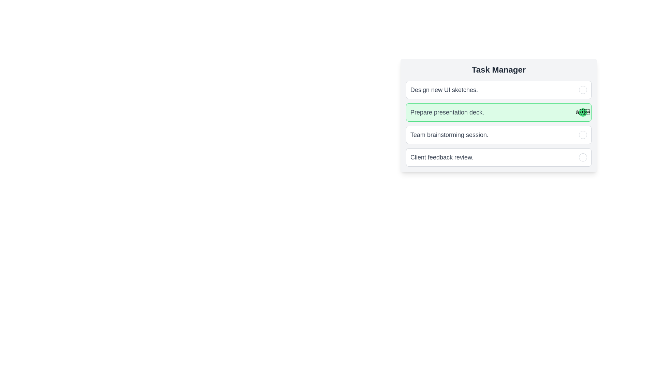 This screenshot has width=655, height=368. Describe the element at coordinates (582, 157) in the screenshot. I see `the circular icon located at the rightmost end of the row labeled 'Client feedback review.' in the task manager interface` at that location.